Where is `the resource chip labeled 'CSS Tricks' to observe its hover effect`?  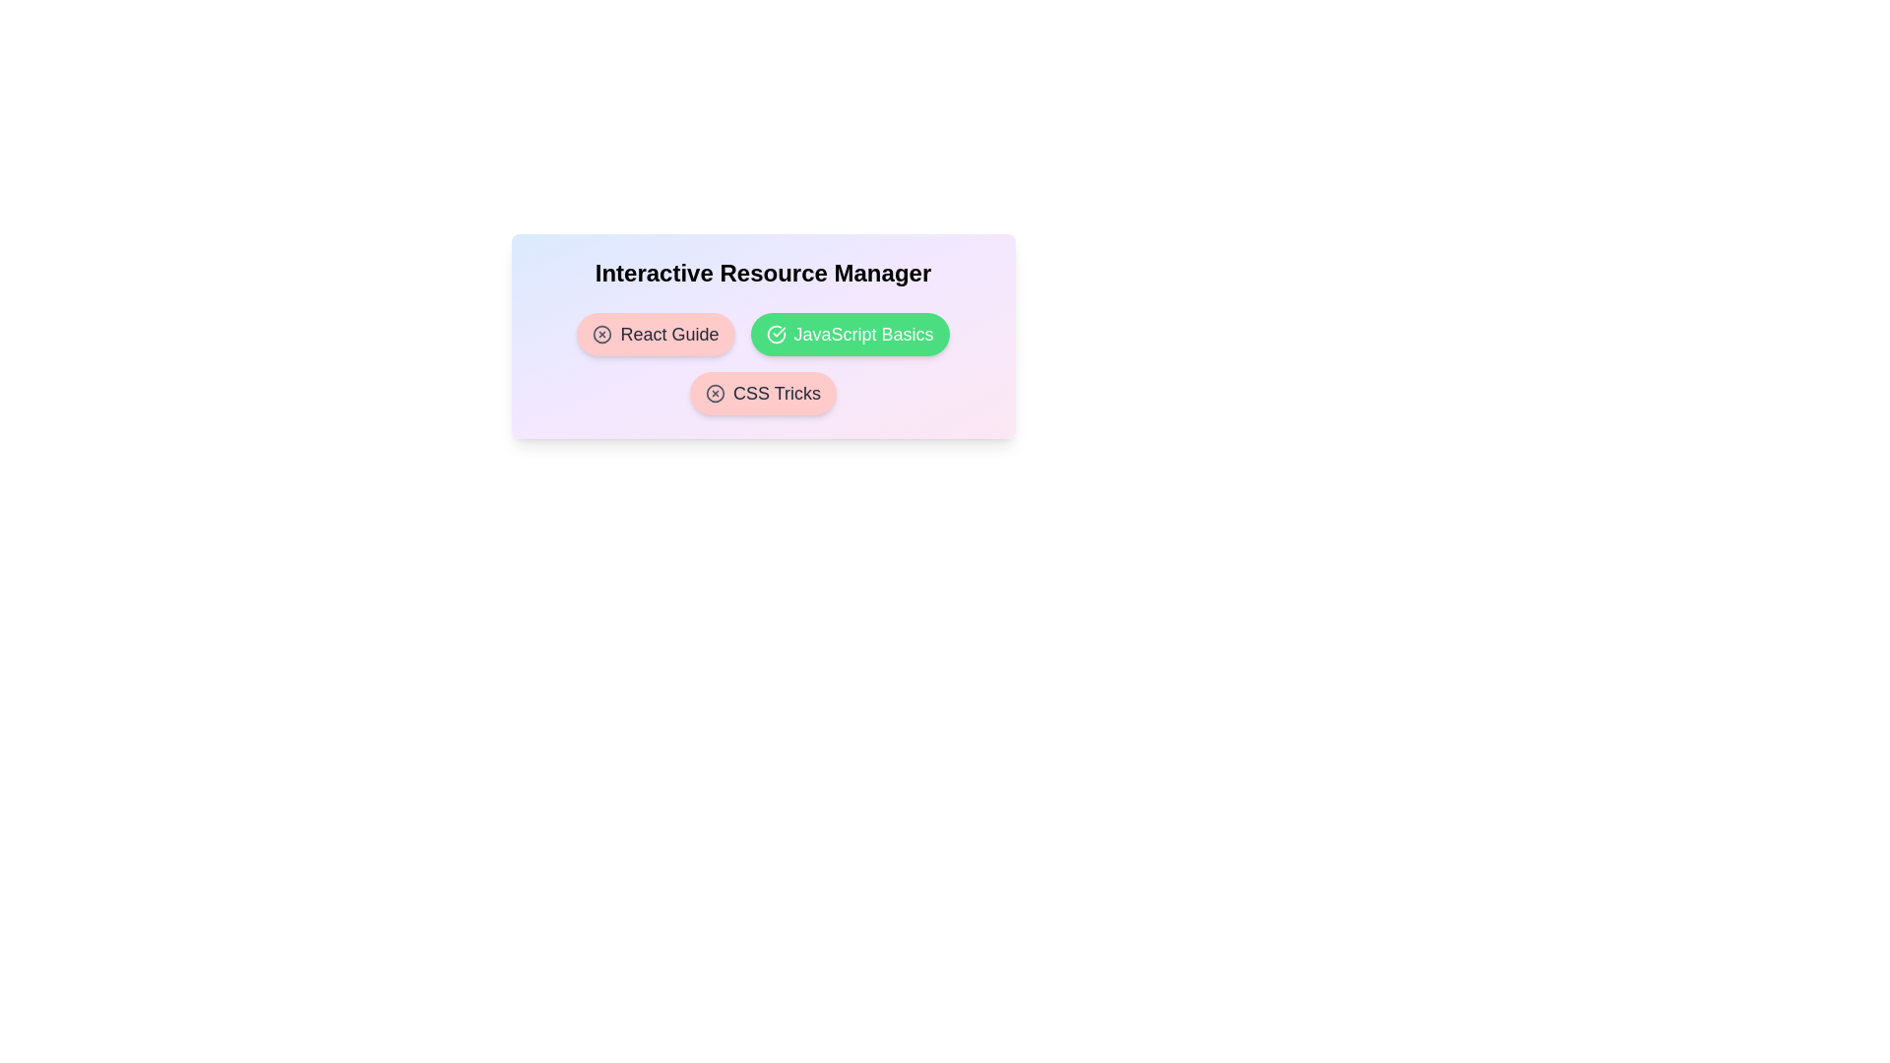 the resource chip labeled 'CSS Tricks' to observe its hover effect is located at coordinates (762, 394).